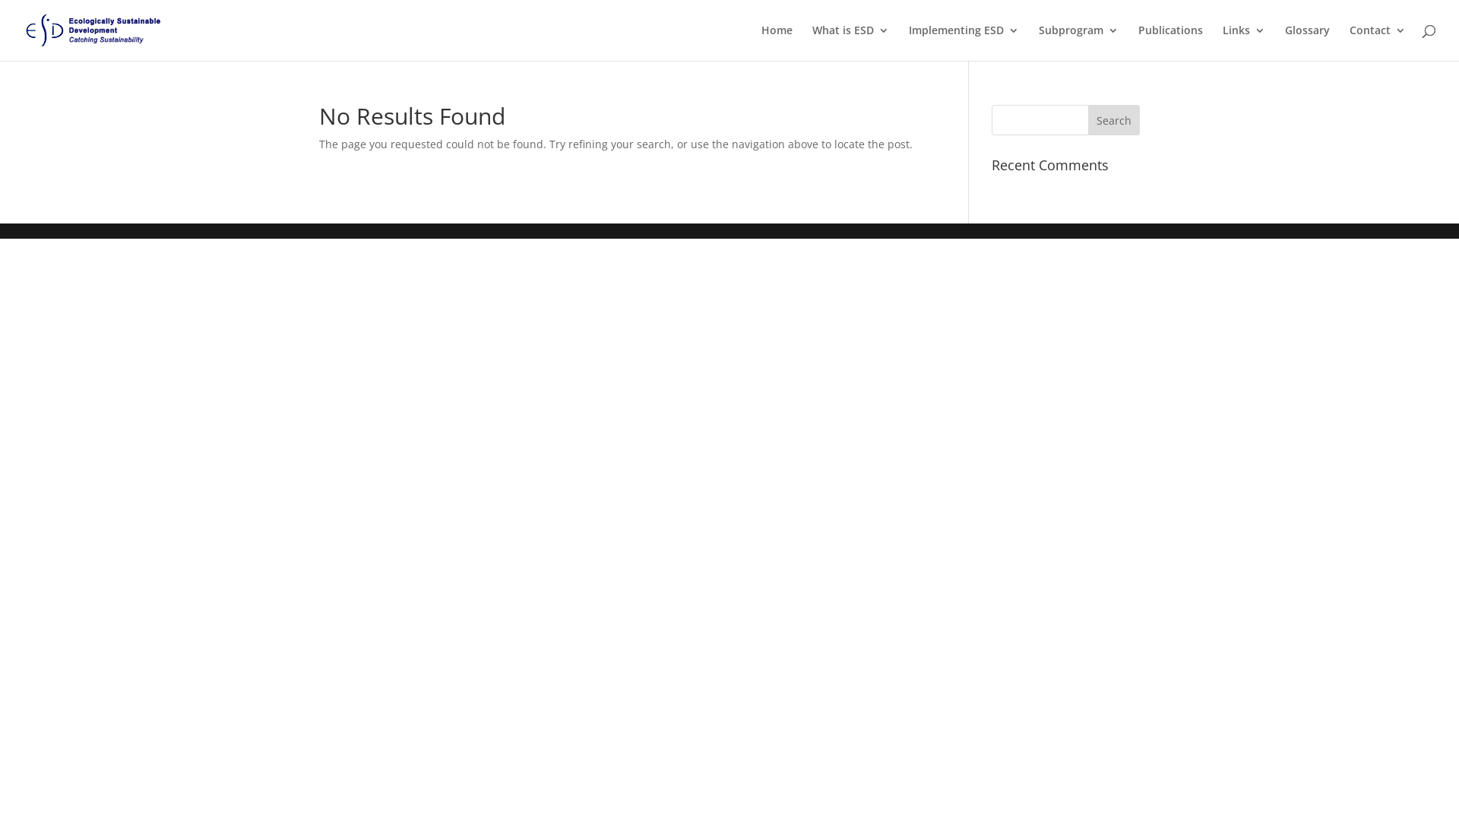  I want to click on 'Implementing ESD', so click(963, 42).